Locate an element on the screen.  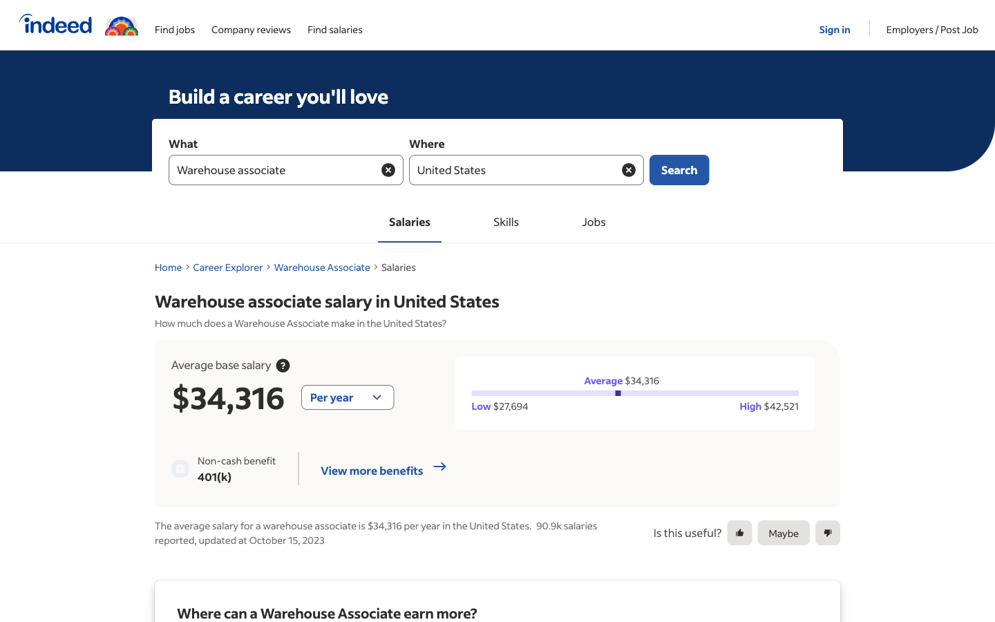
Go to the homepage of Indeed is located at coordinates (53, 24).